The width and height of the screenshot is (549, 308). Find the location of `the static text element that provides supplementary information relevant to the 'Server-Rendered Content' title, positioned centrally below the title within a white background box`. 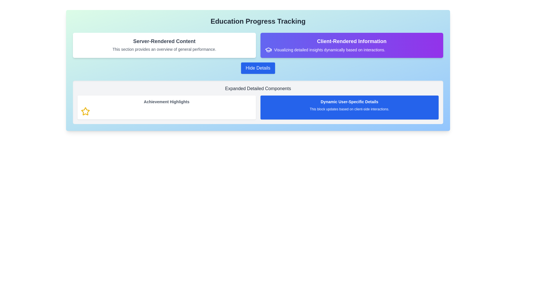

the static text element that provides supplementary information relevant to the 'Server-Rendered Content' title, positioned centrally below the title within a white background box is located at coordinates (164, 49).